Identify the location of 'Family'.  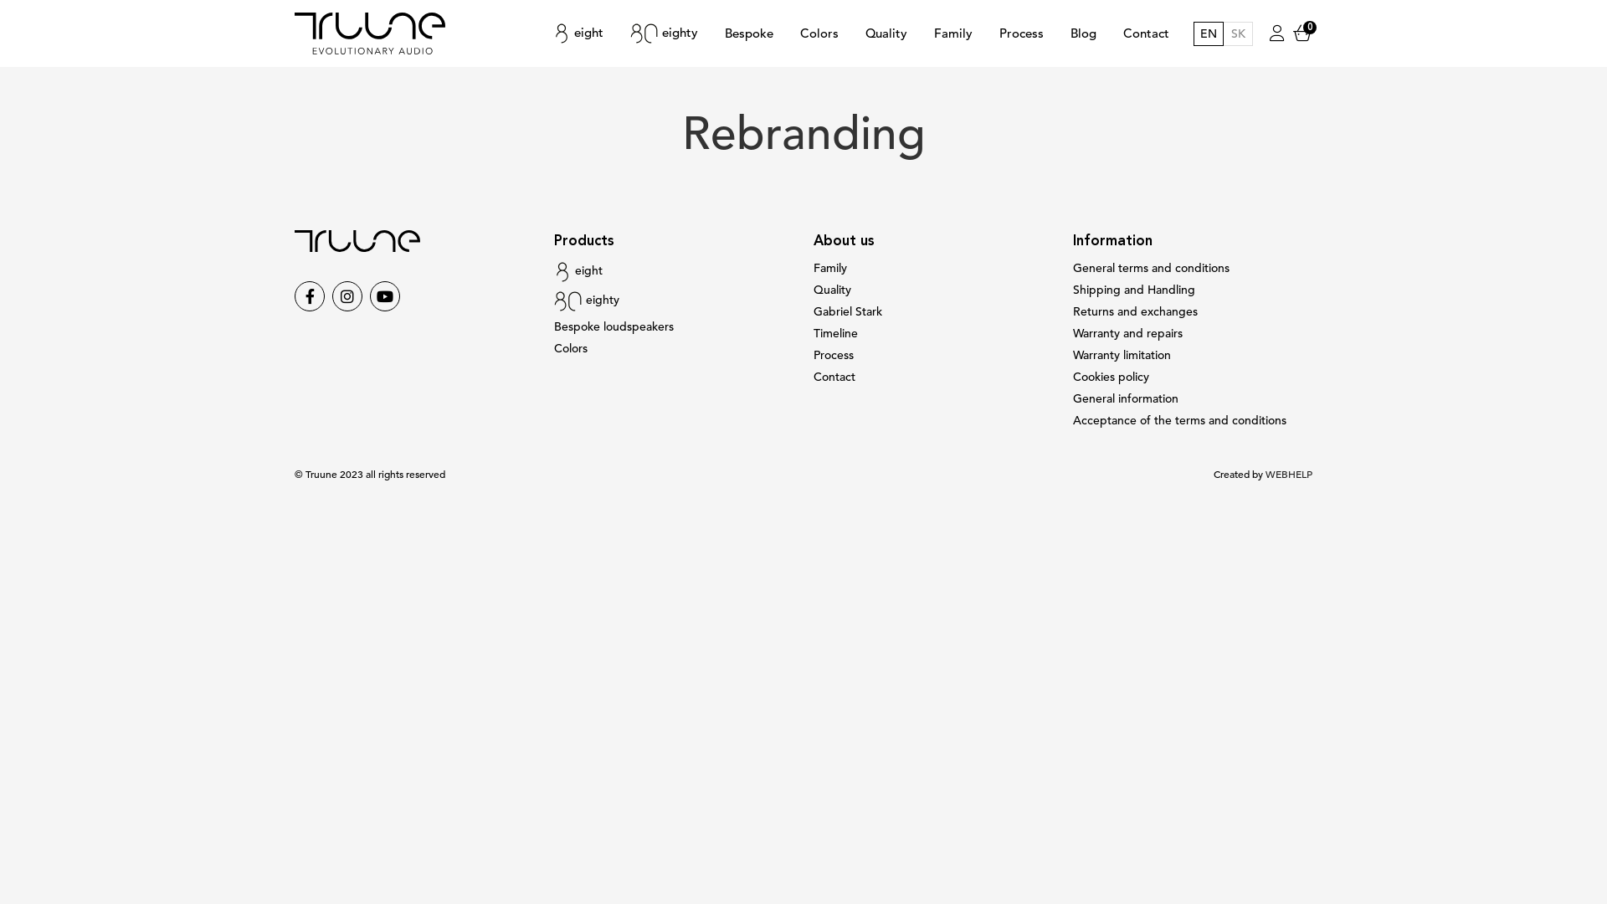
(830, 267).